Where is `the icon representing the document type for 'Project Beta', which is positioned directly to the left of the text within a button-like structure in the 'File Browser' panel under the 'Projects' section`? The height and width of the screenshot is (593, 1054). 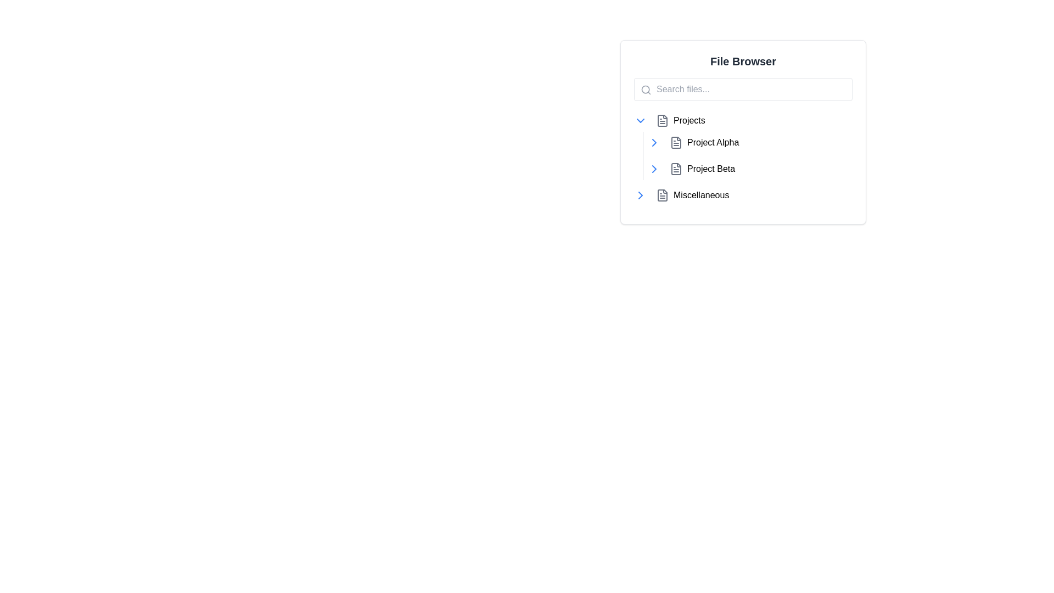 the icon representing the document type for 'Project Beta', which is positioned directly to the left of the text within a button-like structure in the 'File Browser' panel under the 'Projects' section is located at coordinates (676, 169).